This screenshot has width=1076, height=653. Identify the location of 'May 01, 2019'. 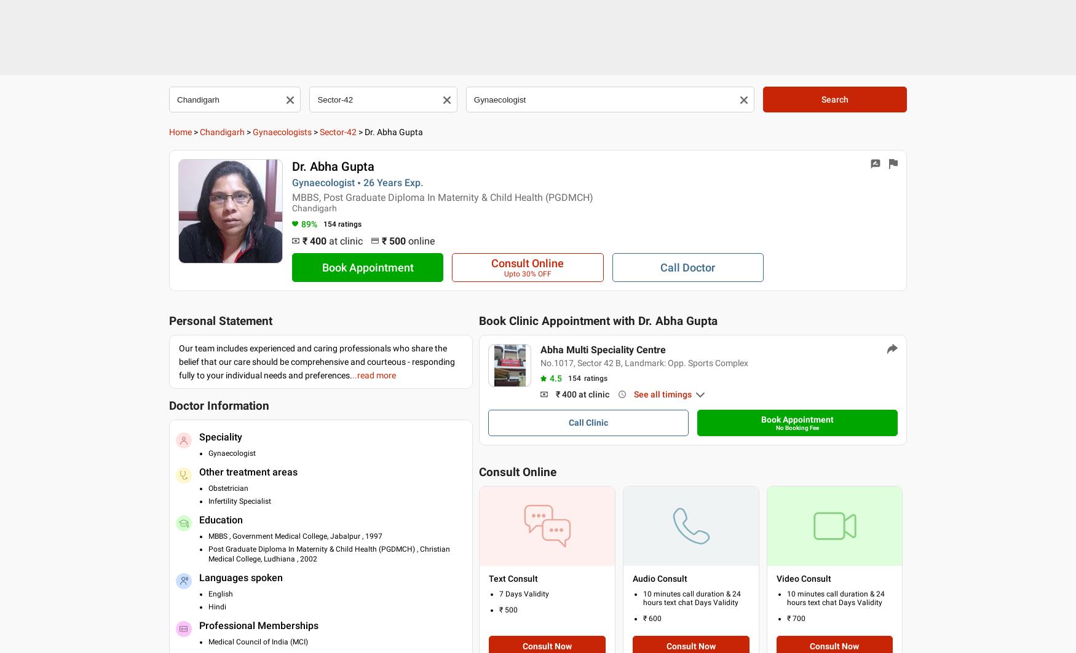
(539, 104).